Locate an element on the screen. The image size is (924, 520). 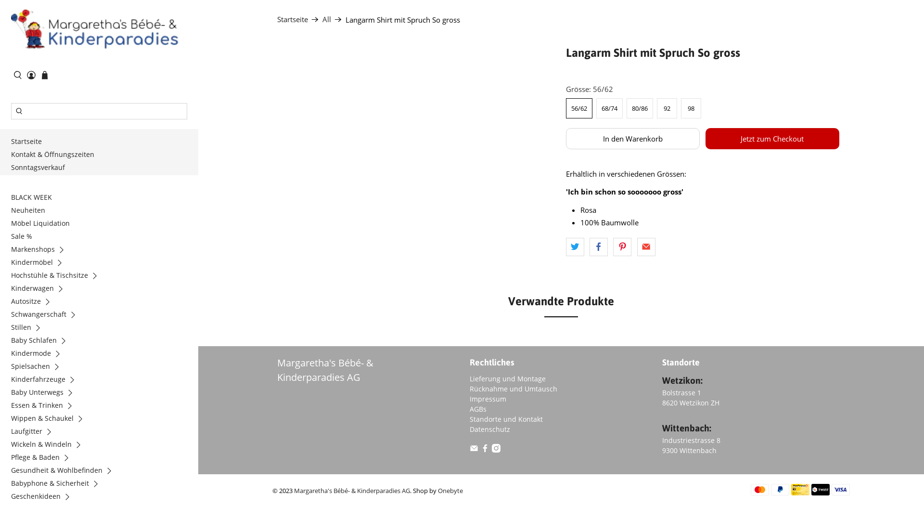
'Auf Twitter teilen' is located at coordinates (566, 247).